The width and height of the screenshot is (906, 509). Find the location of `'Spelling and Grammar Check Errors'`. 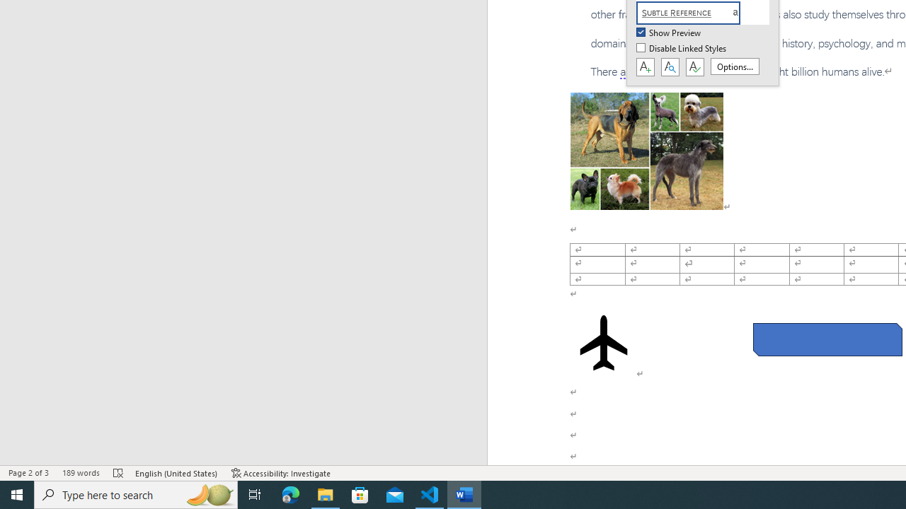

'Spelling and Grammar Check Errors' is located at coordinates (119, 473).